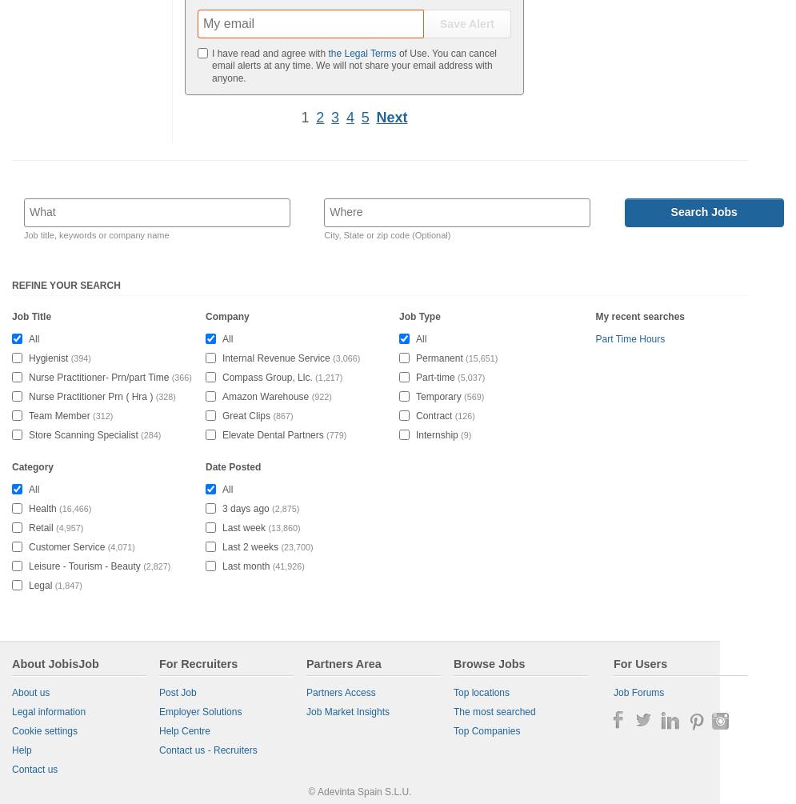  Describe the element at coordinates (334, 118) in the screenshot. I see `'3'` at that location.